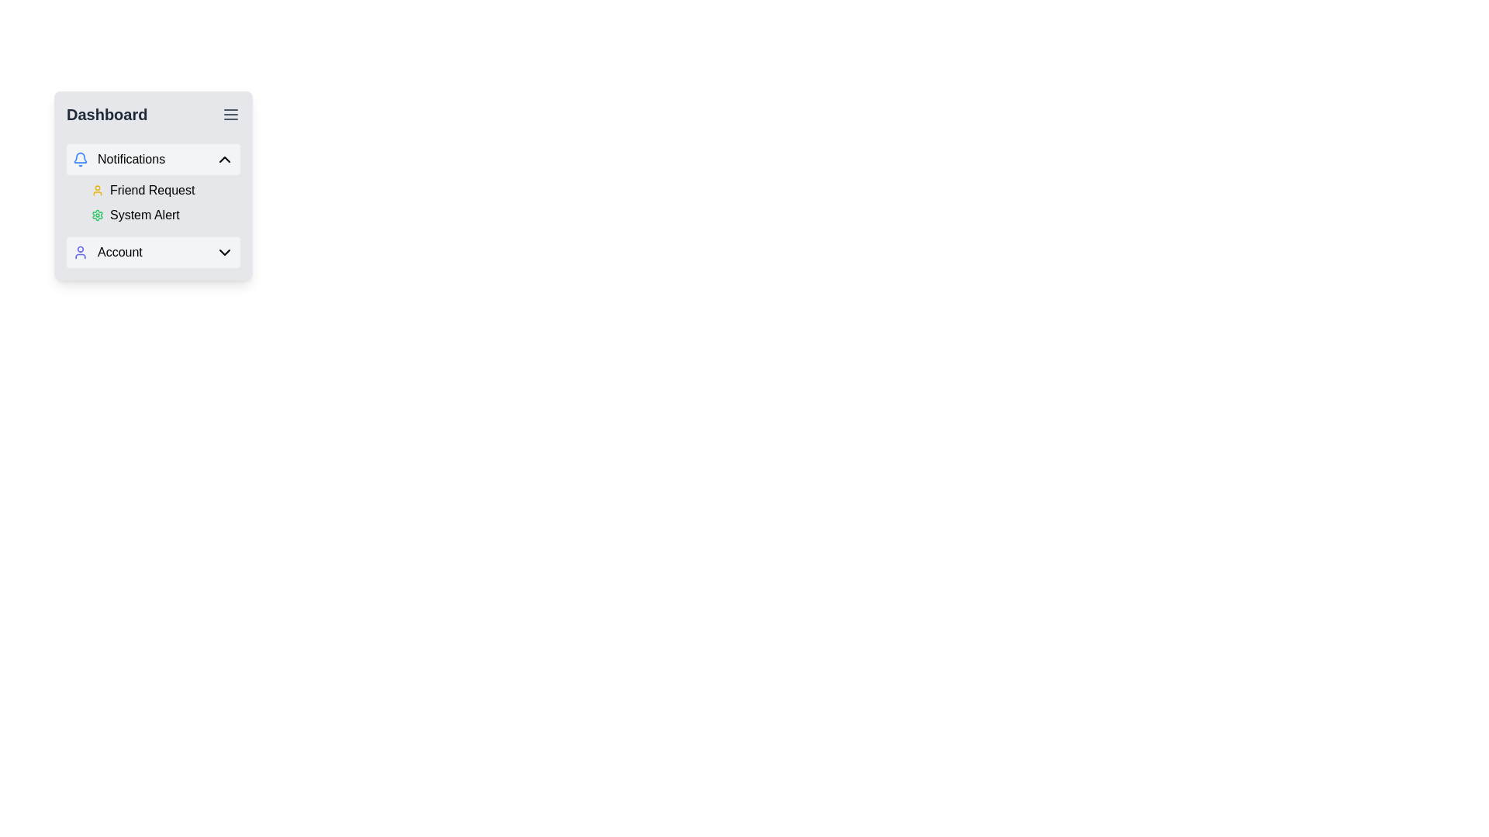  What do you see at coordinates (166, 215) in the screenshot?
I see `the 'System Alert' label with a gear icon in the sidebar menu` at bounding box center [166, 215].